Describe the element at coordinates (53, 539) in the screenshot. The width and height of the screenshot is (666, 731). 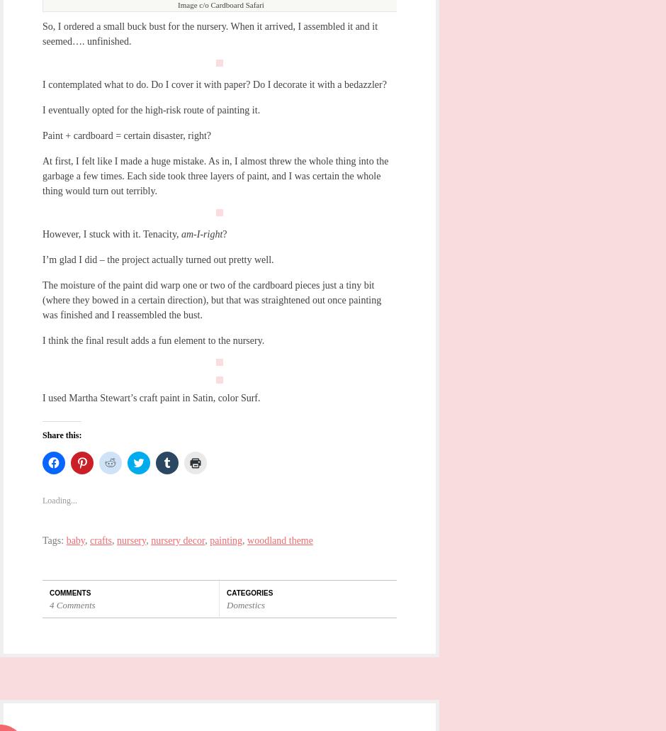
I see `'Tags:'` at that location.